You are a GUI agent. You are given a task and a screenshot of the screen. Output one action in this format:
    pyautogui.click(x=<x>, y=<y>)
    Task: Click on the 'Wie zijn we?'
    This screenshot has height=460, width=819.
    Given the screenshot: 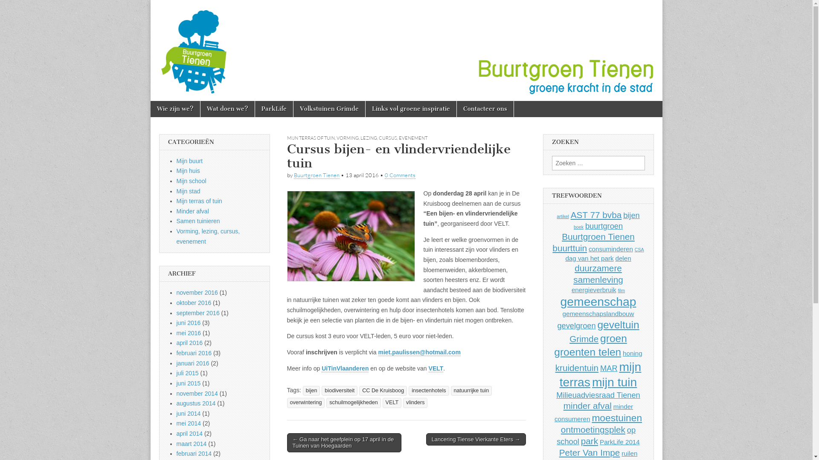 What is the action you would take?
    pyautogui.click(x=174, y=108)
    